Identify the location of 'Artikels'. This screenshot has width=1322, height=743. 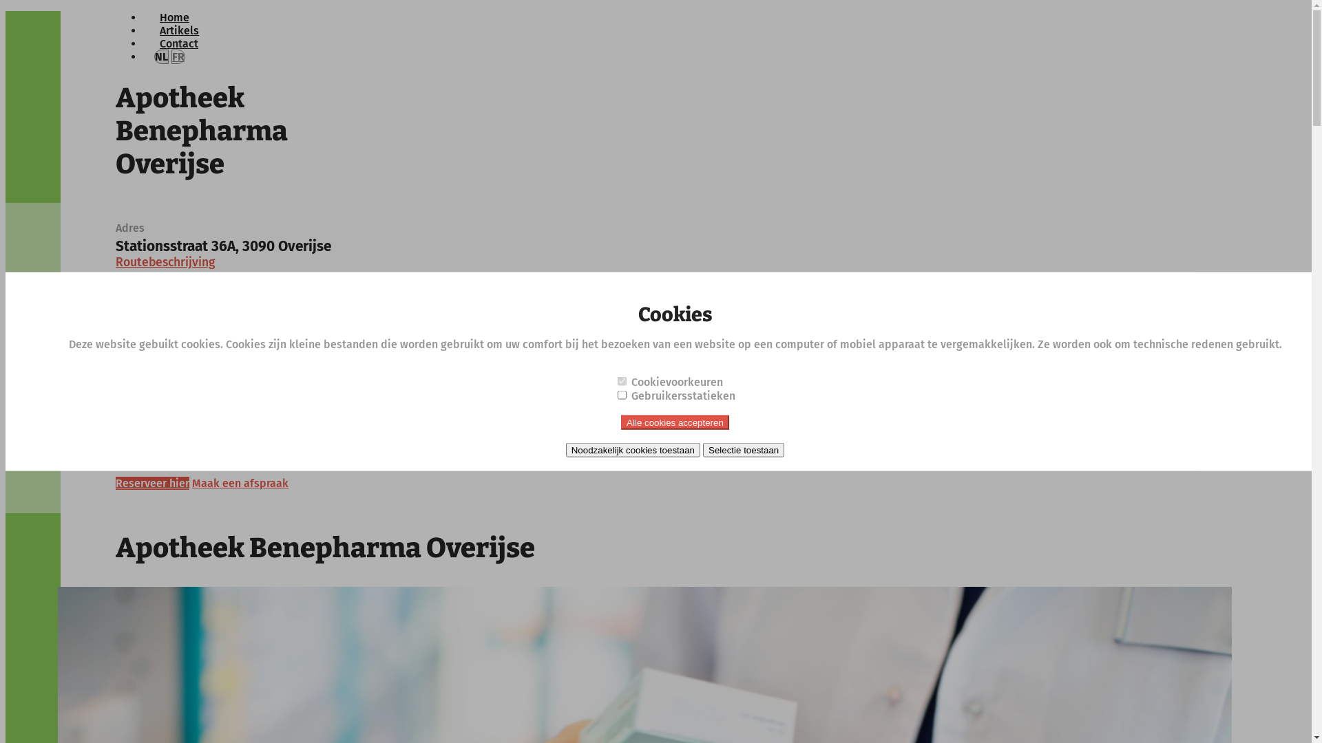
(178, 30).